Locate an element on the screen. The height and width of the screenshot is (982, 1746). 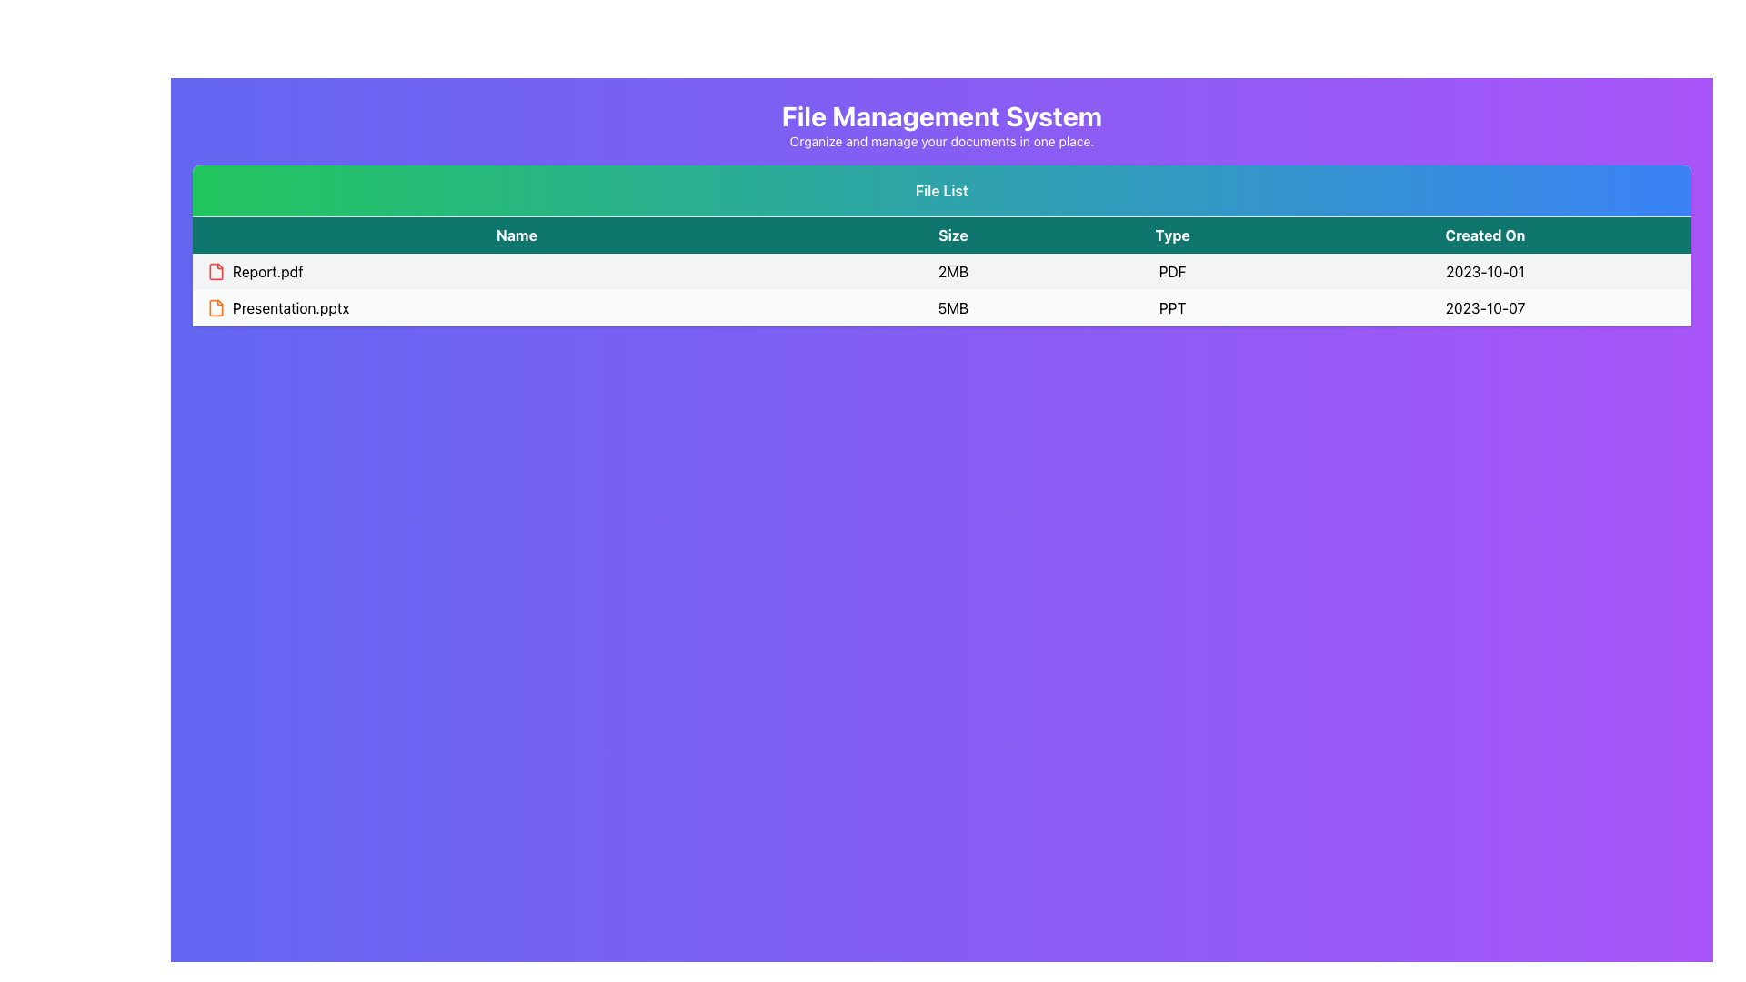
the text label displaying 'PDF' in bold black text within the 'Type' column of the first row in the 'File List' table is located at coordinates (1172, 272).